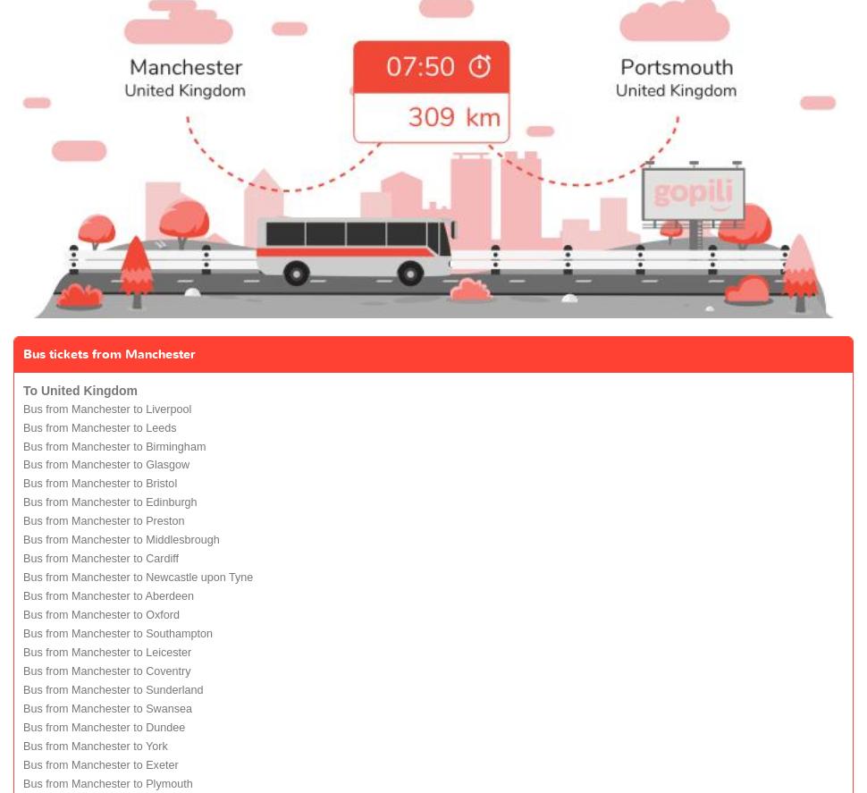  I want to click on 'Bus from Manchester to Leicester', so click(106, 653).